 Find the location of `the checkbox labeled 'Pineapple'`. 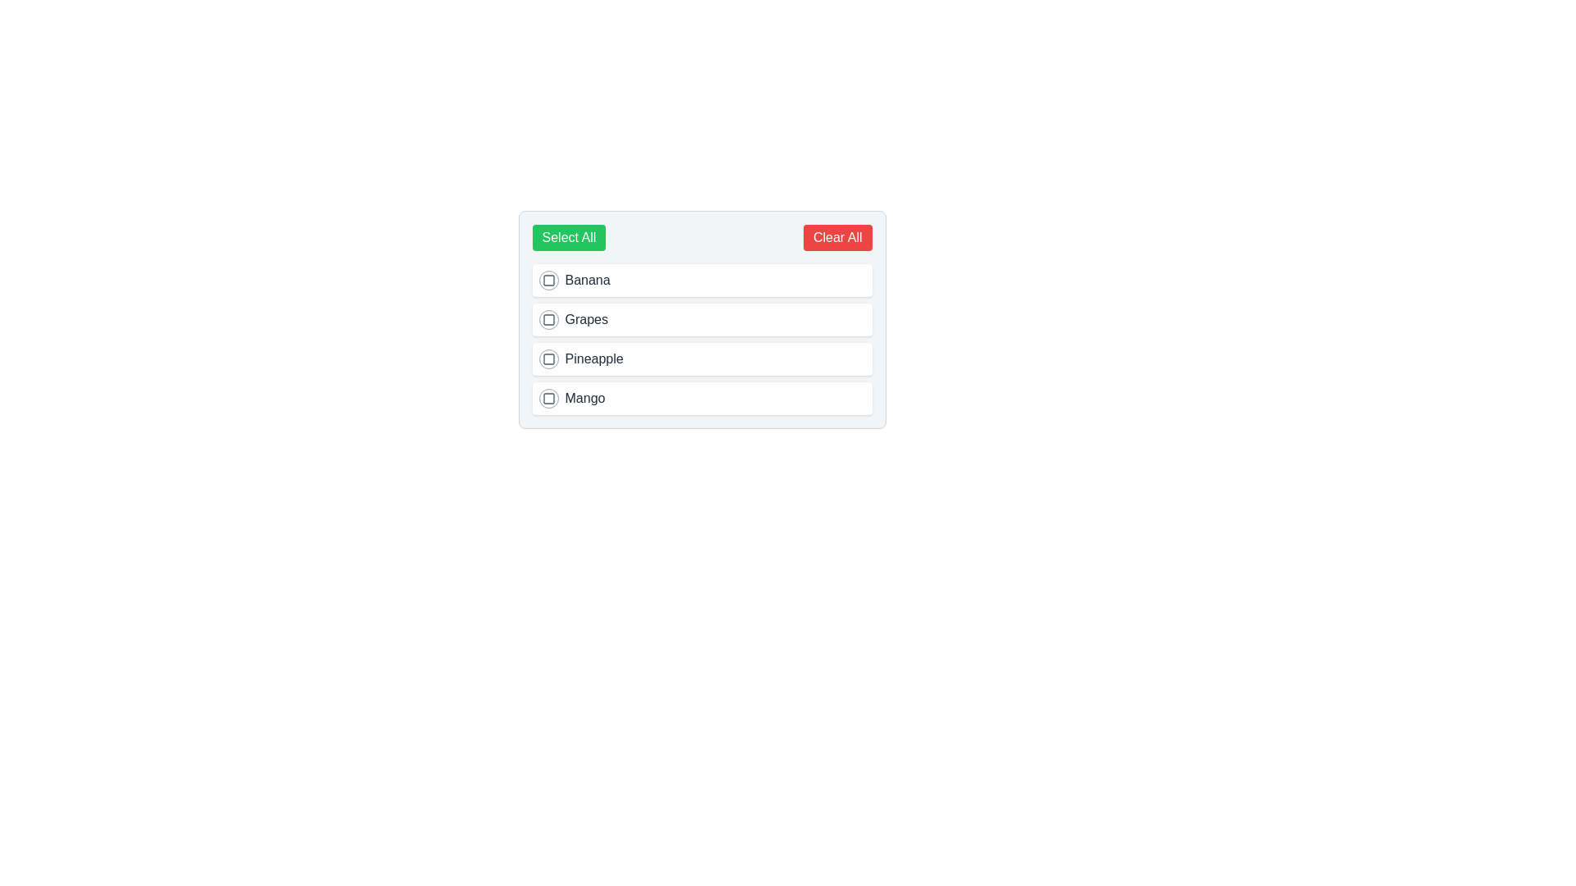

the checkbox labeled 'Pineapple' is located at coordinates (702, 359).